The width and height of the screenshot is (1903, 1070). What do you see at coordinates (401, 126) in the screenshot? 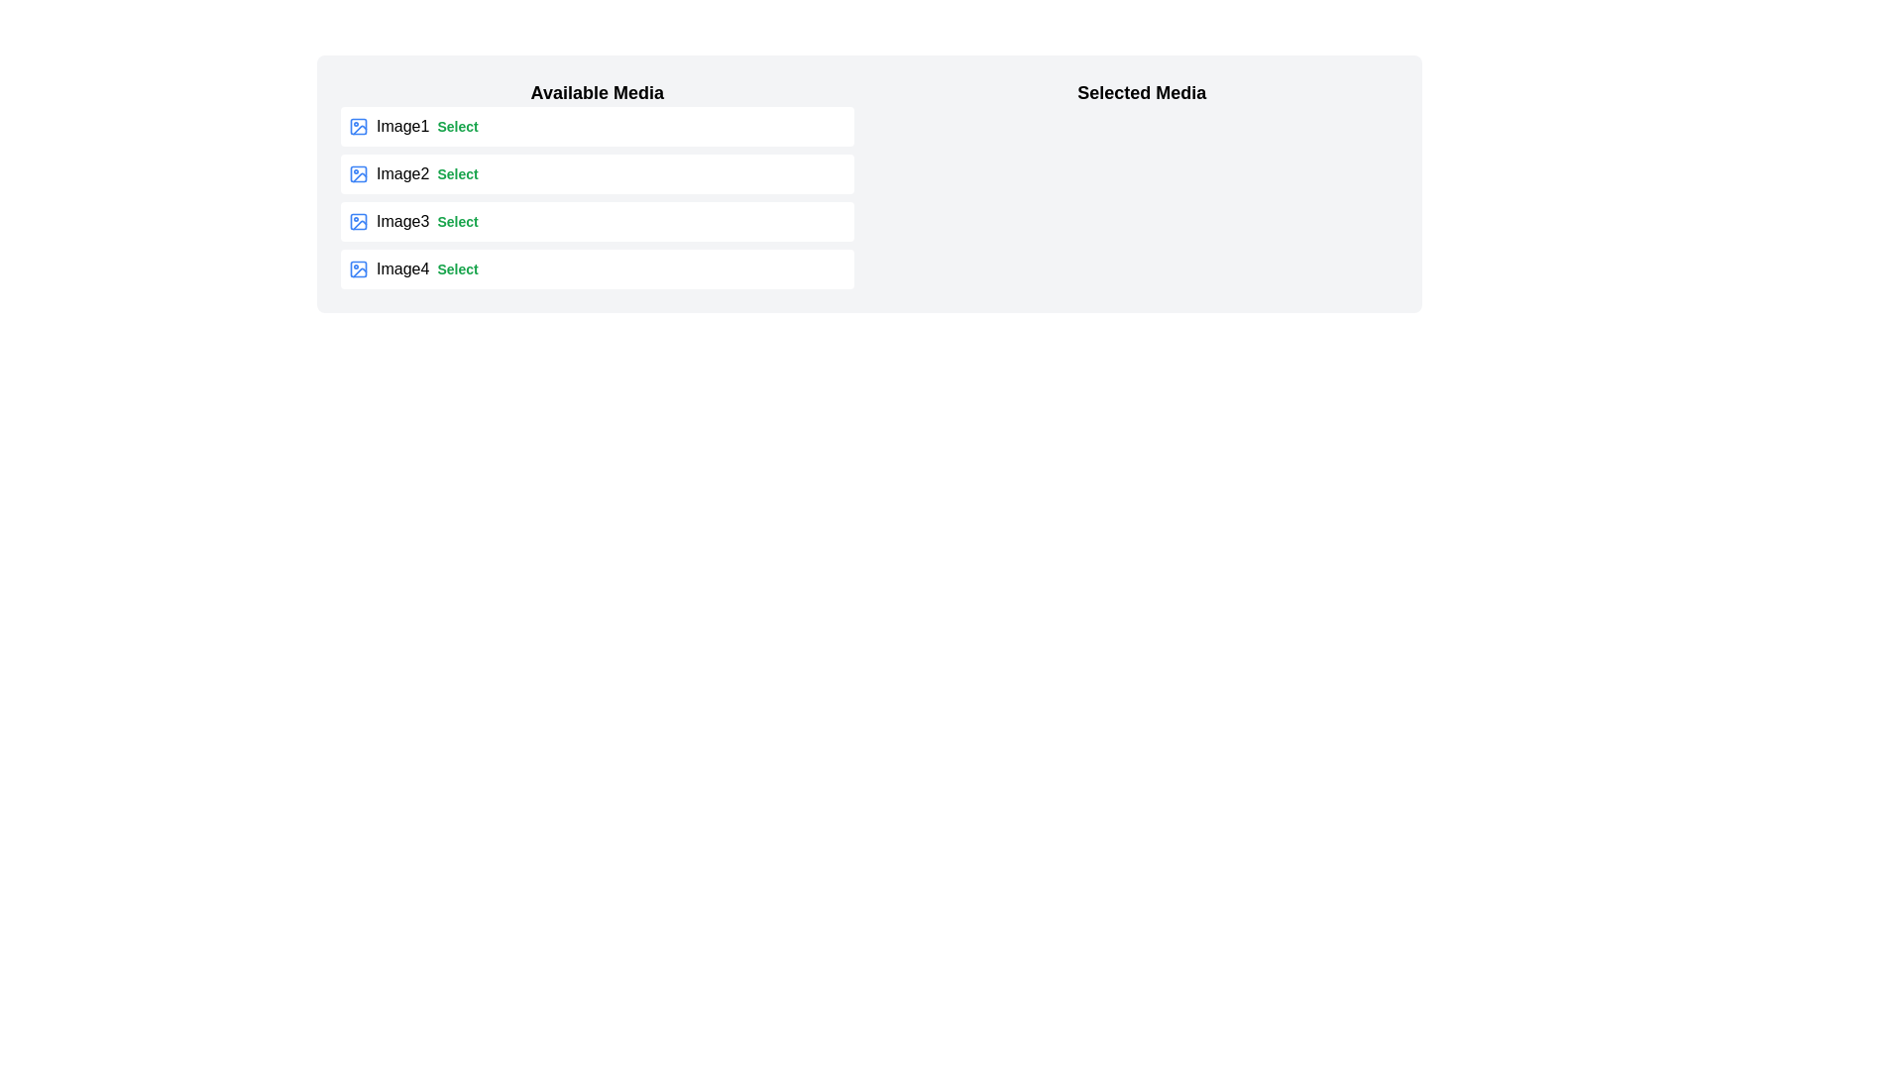
I see `text label displaying 'Image1' located in the first row under 'Available Media', positioned between the blue image icon and the green 'Select' link` at bounding box center [401, 126].